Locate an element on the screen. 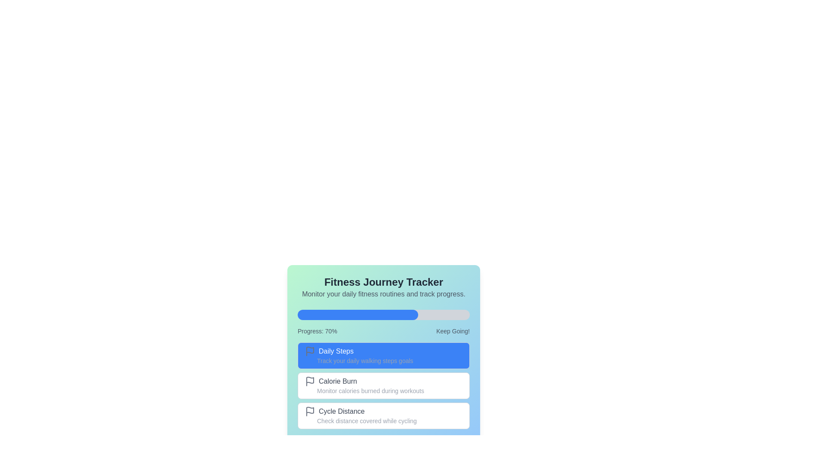 The width and height of the screenshot is (826, 464). the icon located to the left of the 'Calorie Burn' text label for more information is located at coordinates (310, 381).